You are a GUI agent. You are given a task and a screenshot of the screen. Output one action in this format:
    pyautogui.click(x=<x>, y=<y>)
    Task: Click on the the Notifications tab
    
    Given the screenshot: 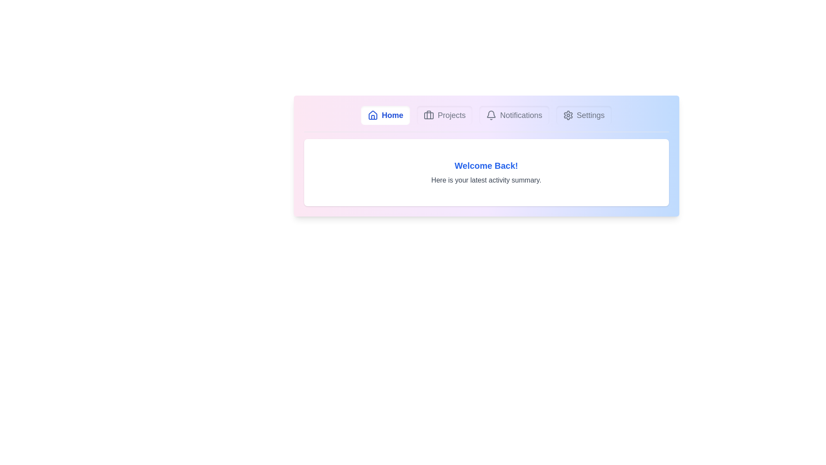 What is the action you would take?
    pyautogui.click(x=514, y=115)
    